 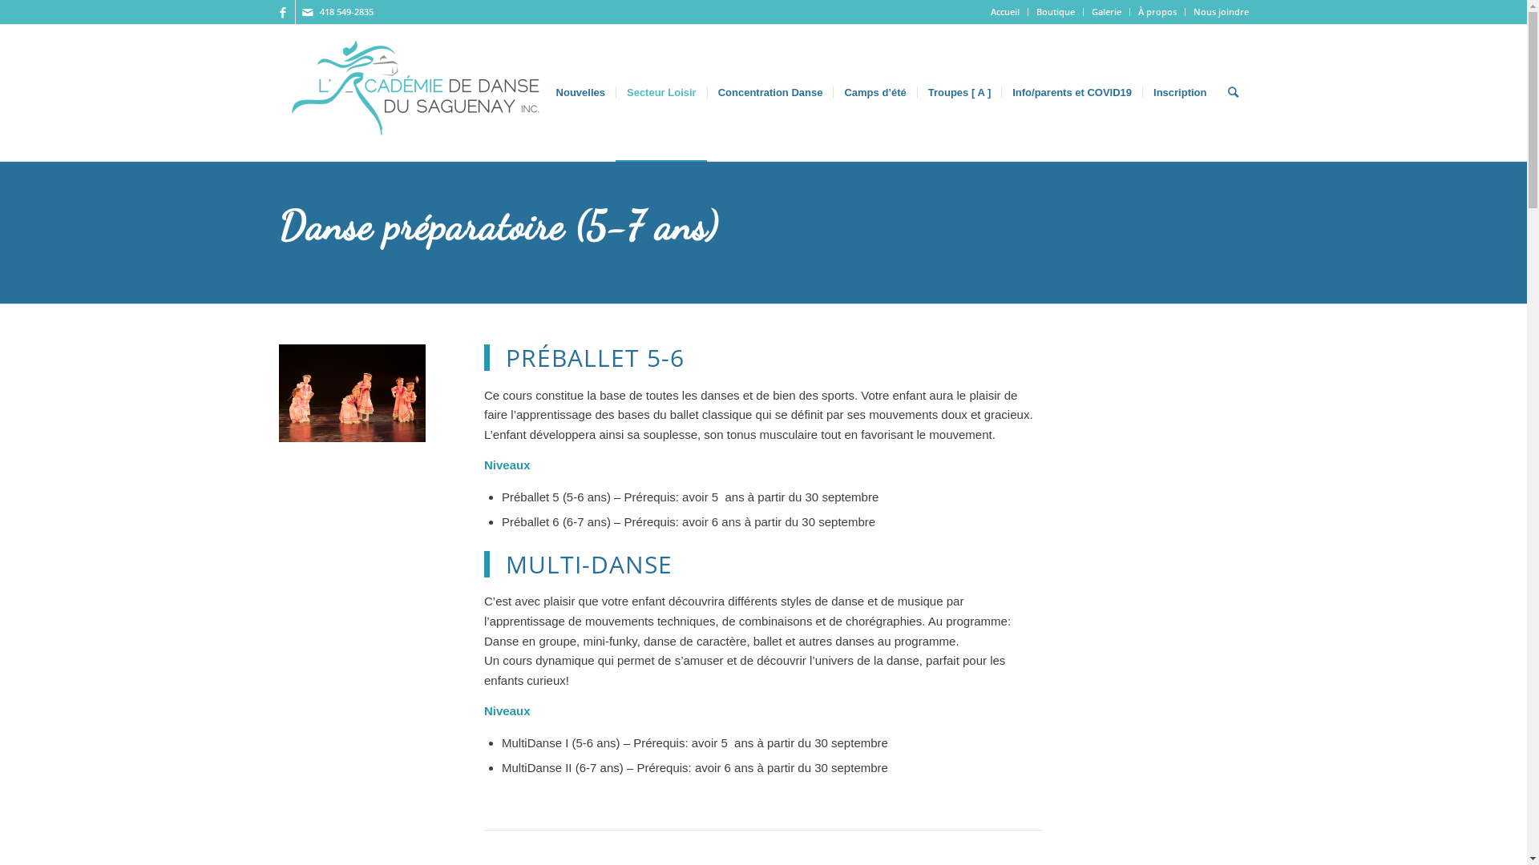 I want to click on 'Mail', so click(x=307, y=12).